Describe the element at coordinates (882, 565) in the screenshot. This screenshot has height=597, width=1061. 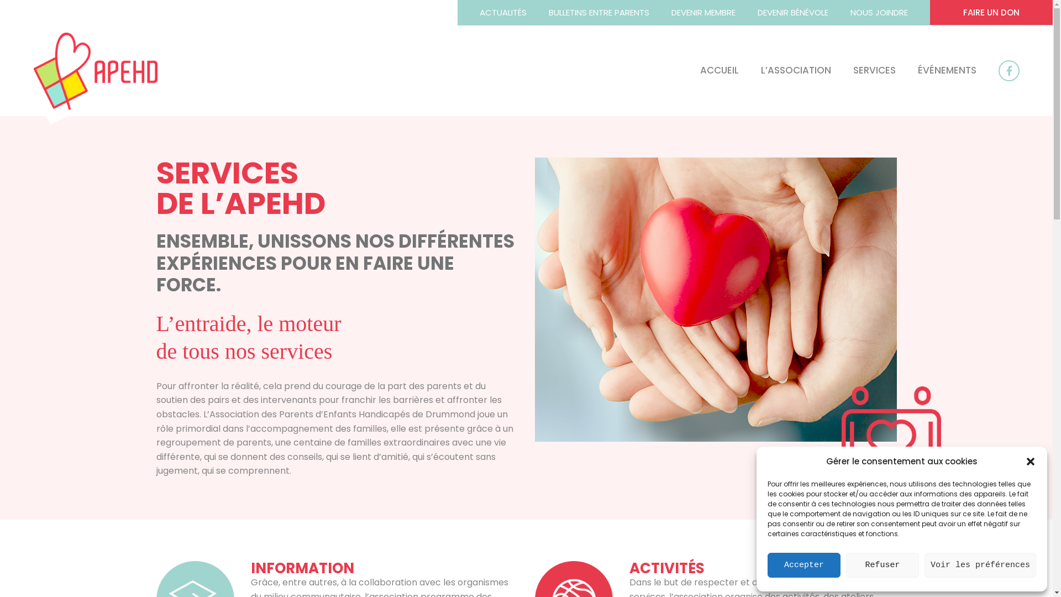
I see `'Refuser'` at that location.